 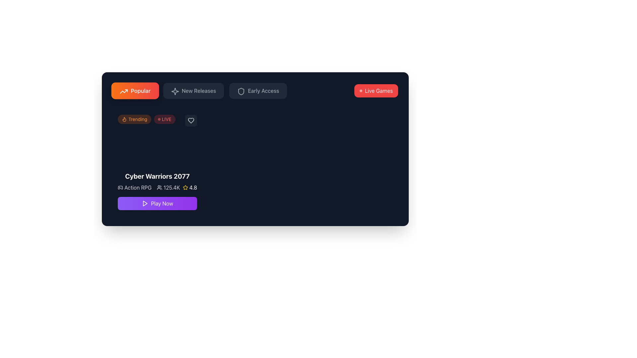 I want to click on displayed information on the Informational Panel located below the game title 'Cyber Warriors 2077' and above the 'Play Now' button, so click(x=157, y=188).